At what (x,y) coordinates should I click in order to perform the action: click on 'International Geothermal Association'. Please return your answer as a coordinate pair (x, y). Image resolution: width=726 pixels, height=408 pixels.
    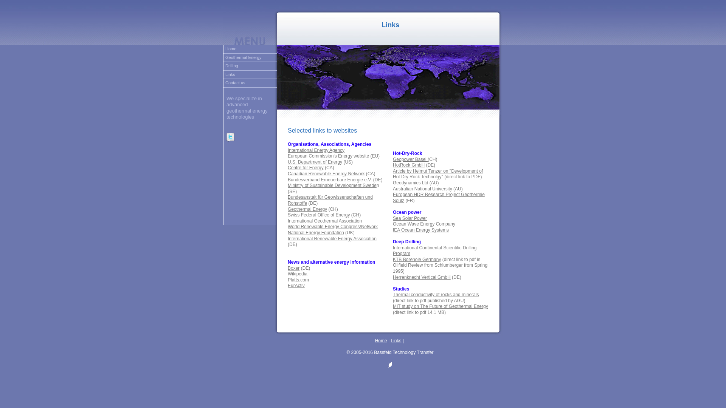
    Looking at the image, I should click on (325, 221).